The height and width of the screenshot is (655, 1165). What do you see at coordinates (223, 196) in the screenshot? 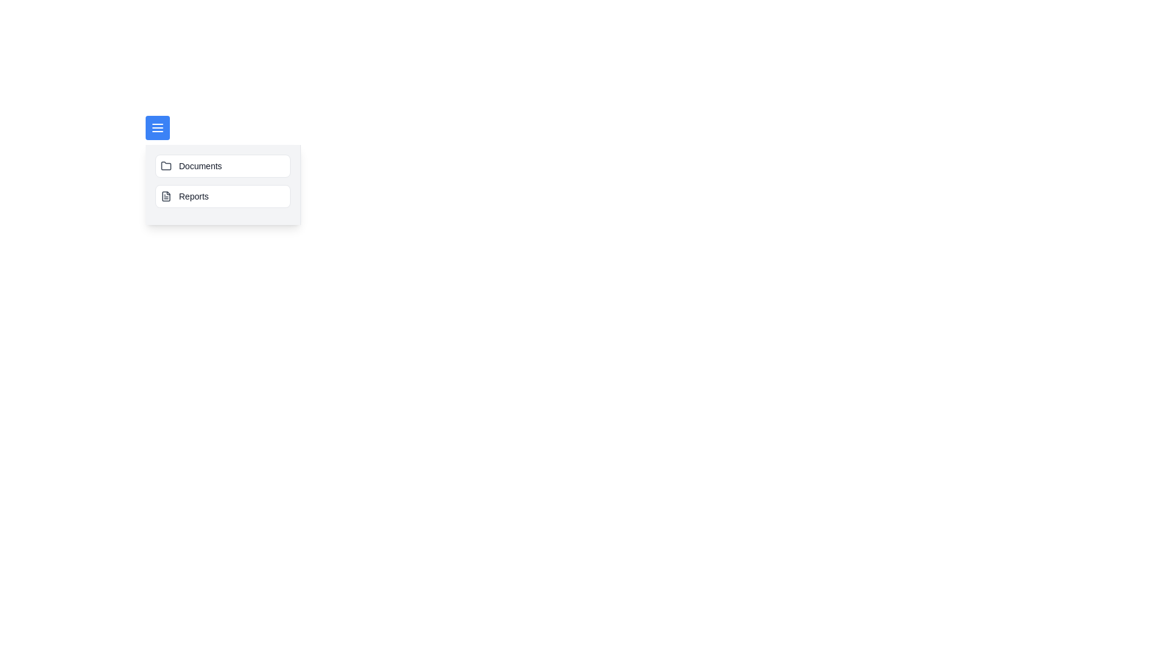
I see `the category Reports from the side menu` at bounding box center [223, 196].